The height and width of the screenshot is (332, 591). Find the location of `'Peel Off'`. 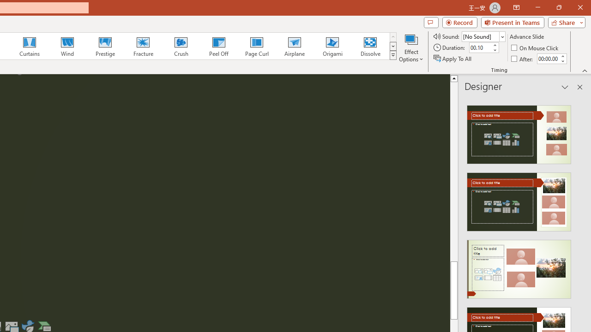

'Peel Off' is located at coordinates (218, 46).